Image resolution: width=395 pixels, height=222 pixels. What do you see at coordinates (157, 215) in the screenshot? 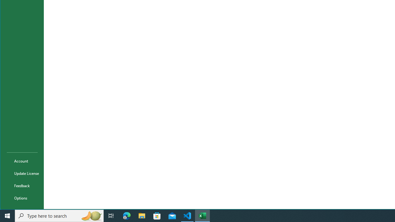
I see `'Microsoft Store'` at bounding box center [157, 215].